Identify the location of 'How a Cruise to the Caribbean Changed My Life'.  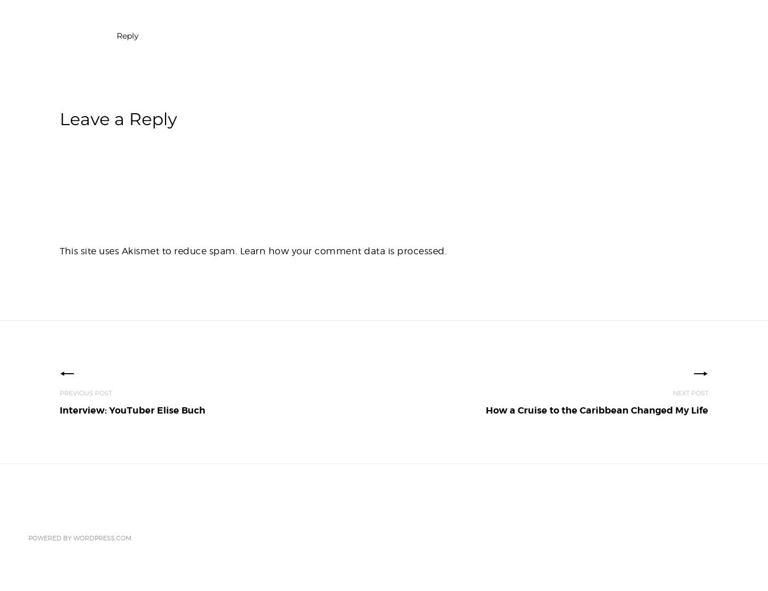
(597, 410).